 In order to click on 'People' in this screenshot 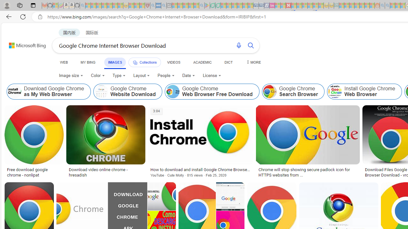, I will do `click(166, 75)`.